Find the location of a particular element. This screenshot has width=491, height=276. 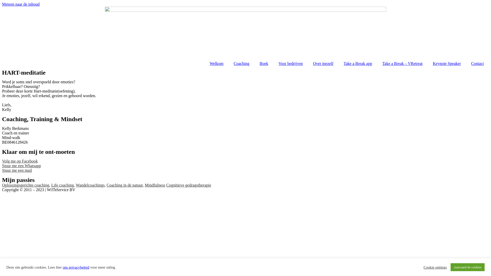

'Boek' is located at coordinates (264, 63).